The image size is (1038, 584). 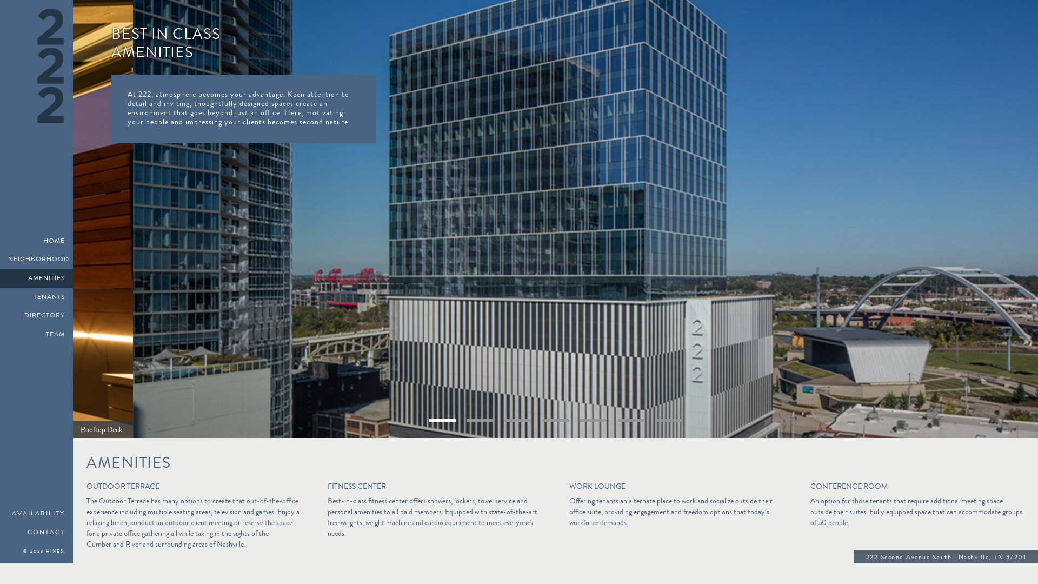 I want to click on 'DIRECTORY', so click(x=36, y=315).